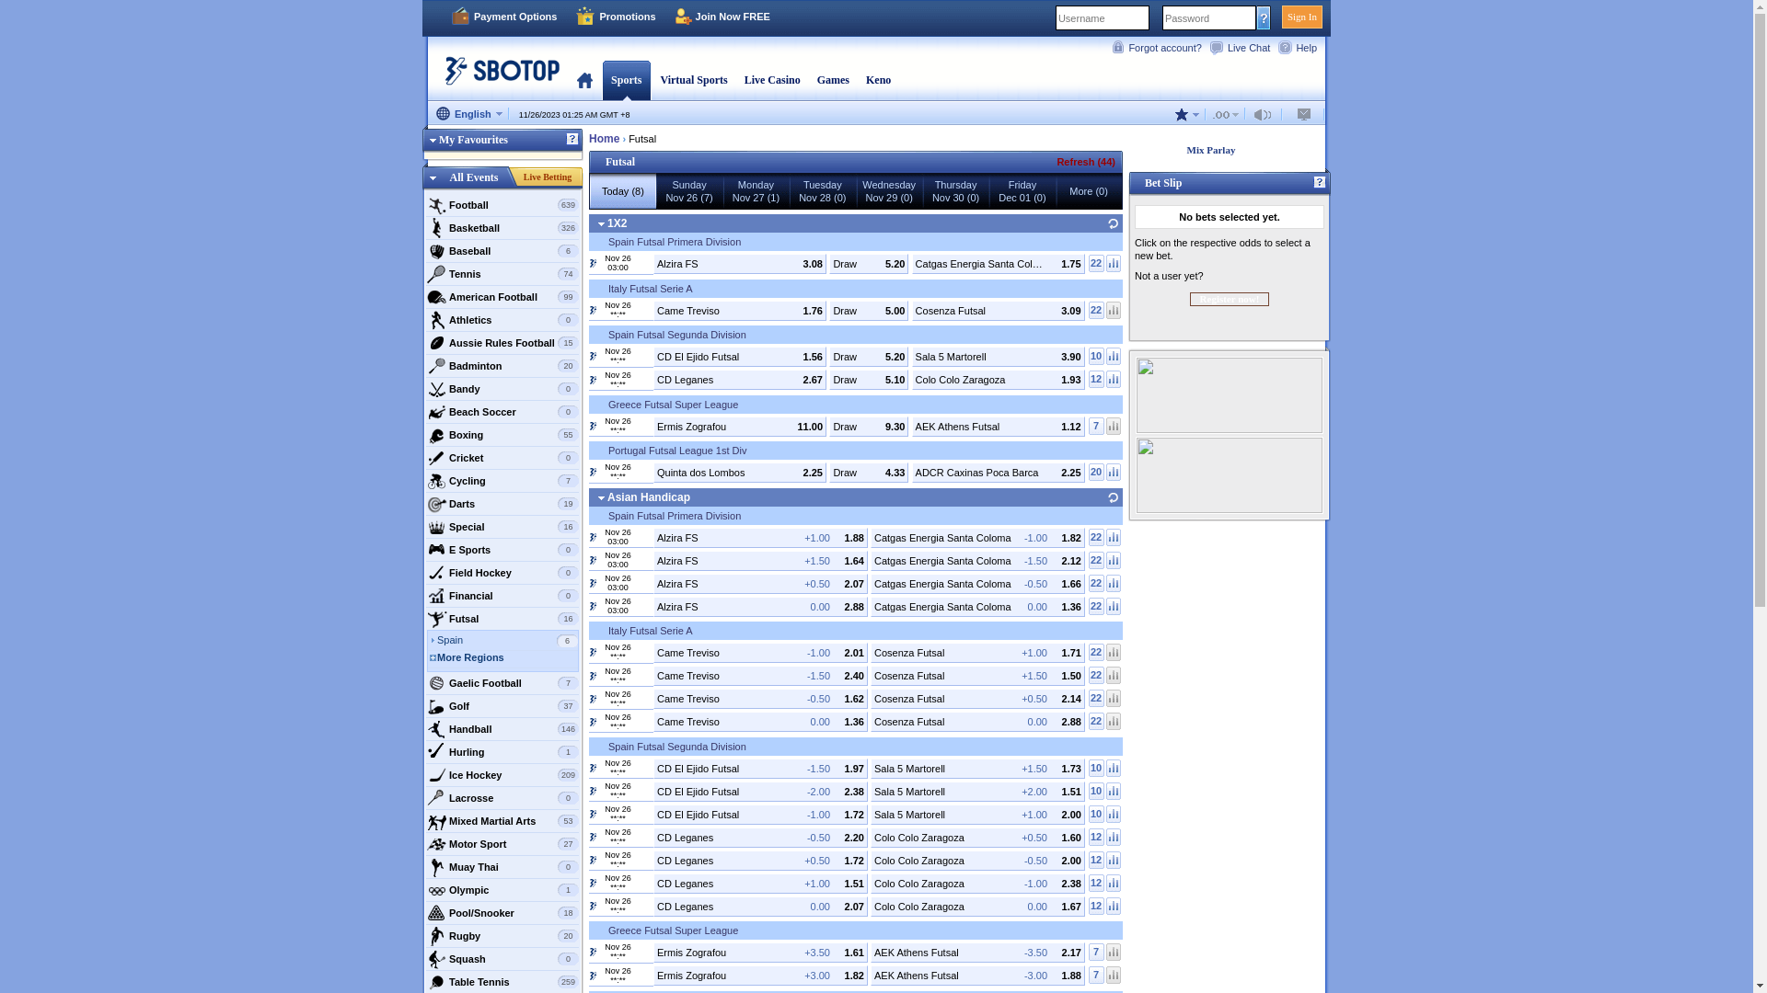  Describe the element at coordinates (496, 76) in the screenshot. I see `'SBOTOP Sports | Online Sports Live Betting - Join Now!'` at that location.